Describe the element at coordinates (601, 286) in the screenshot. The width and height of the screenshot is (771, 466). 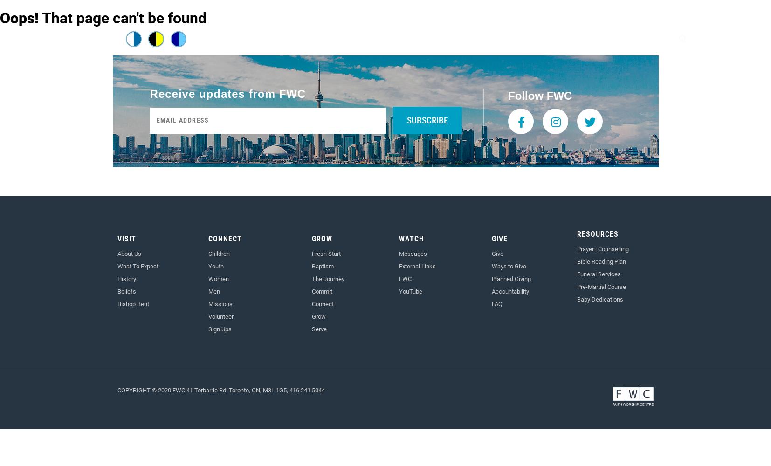
I see `'Pre-Martial Course'` at that location.